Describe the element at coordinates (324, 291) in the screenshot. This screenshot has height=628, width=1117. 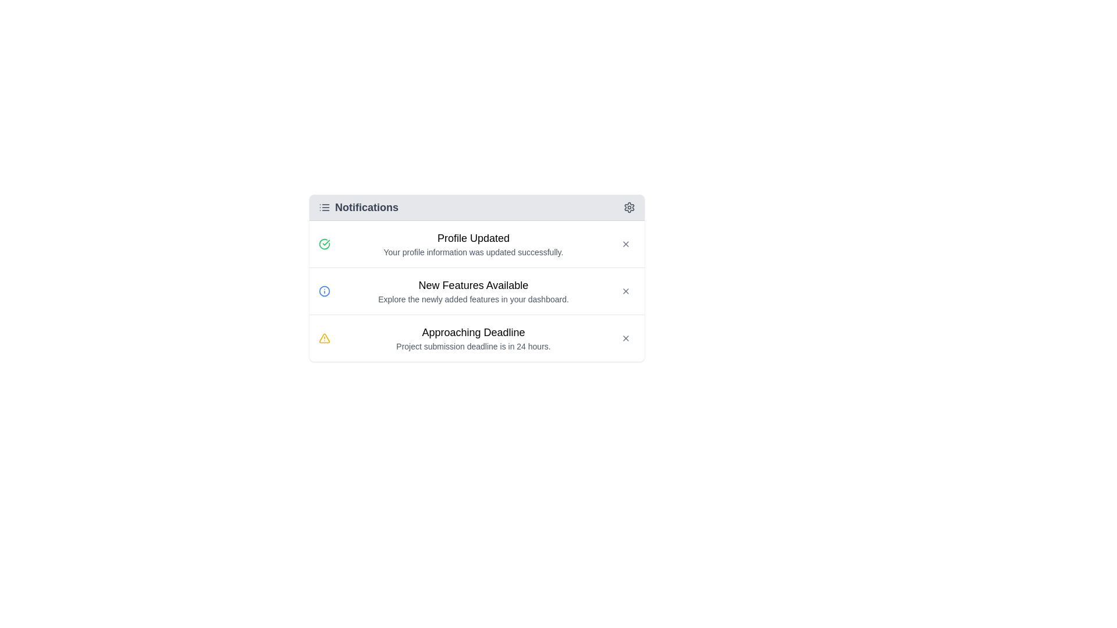
I see `blue-filled circle within the information icon located next to the 'New Features Available' notification for development purposes` at that location.